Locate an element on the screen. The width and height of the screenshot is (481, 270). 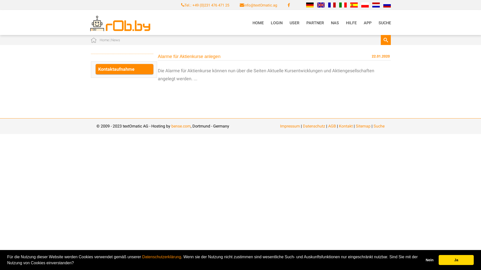
'bense.com' is located at coordinates (181, 126).